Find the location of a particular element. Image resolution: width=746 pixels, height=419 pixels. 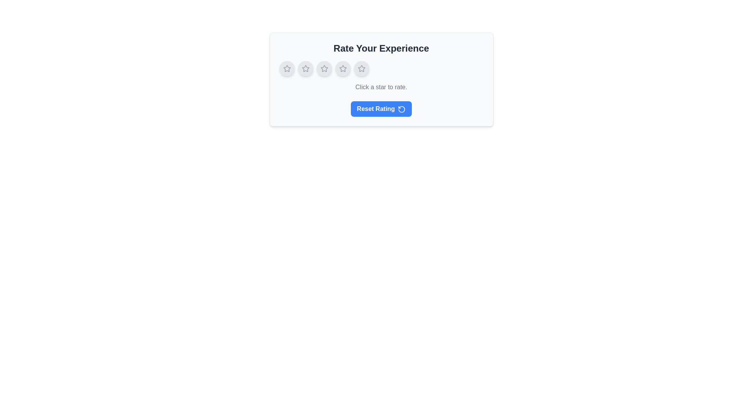

the counter-clockwise arrow icon located inside the 'Reset Rating' button, positioned at the far right side adjacent to the text label is located at coordinates (402, 109).